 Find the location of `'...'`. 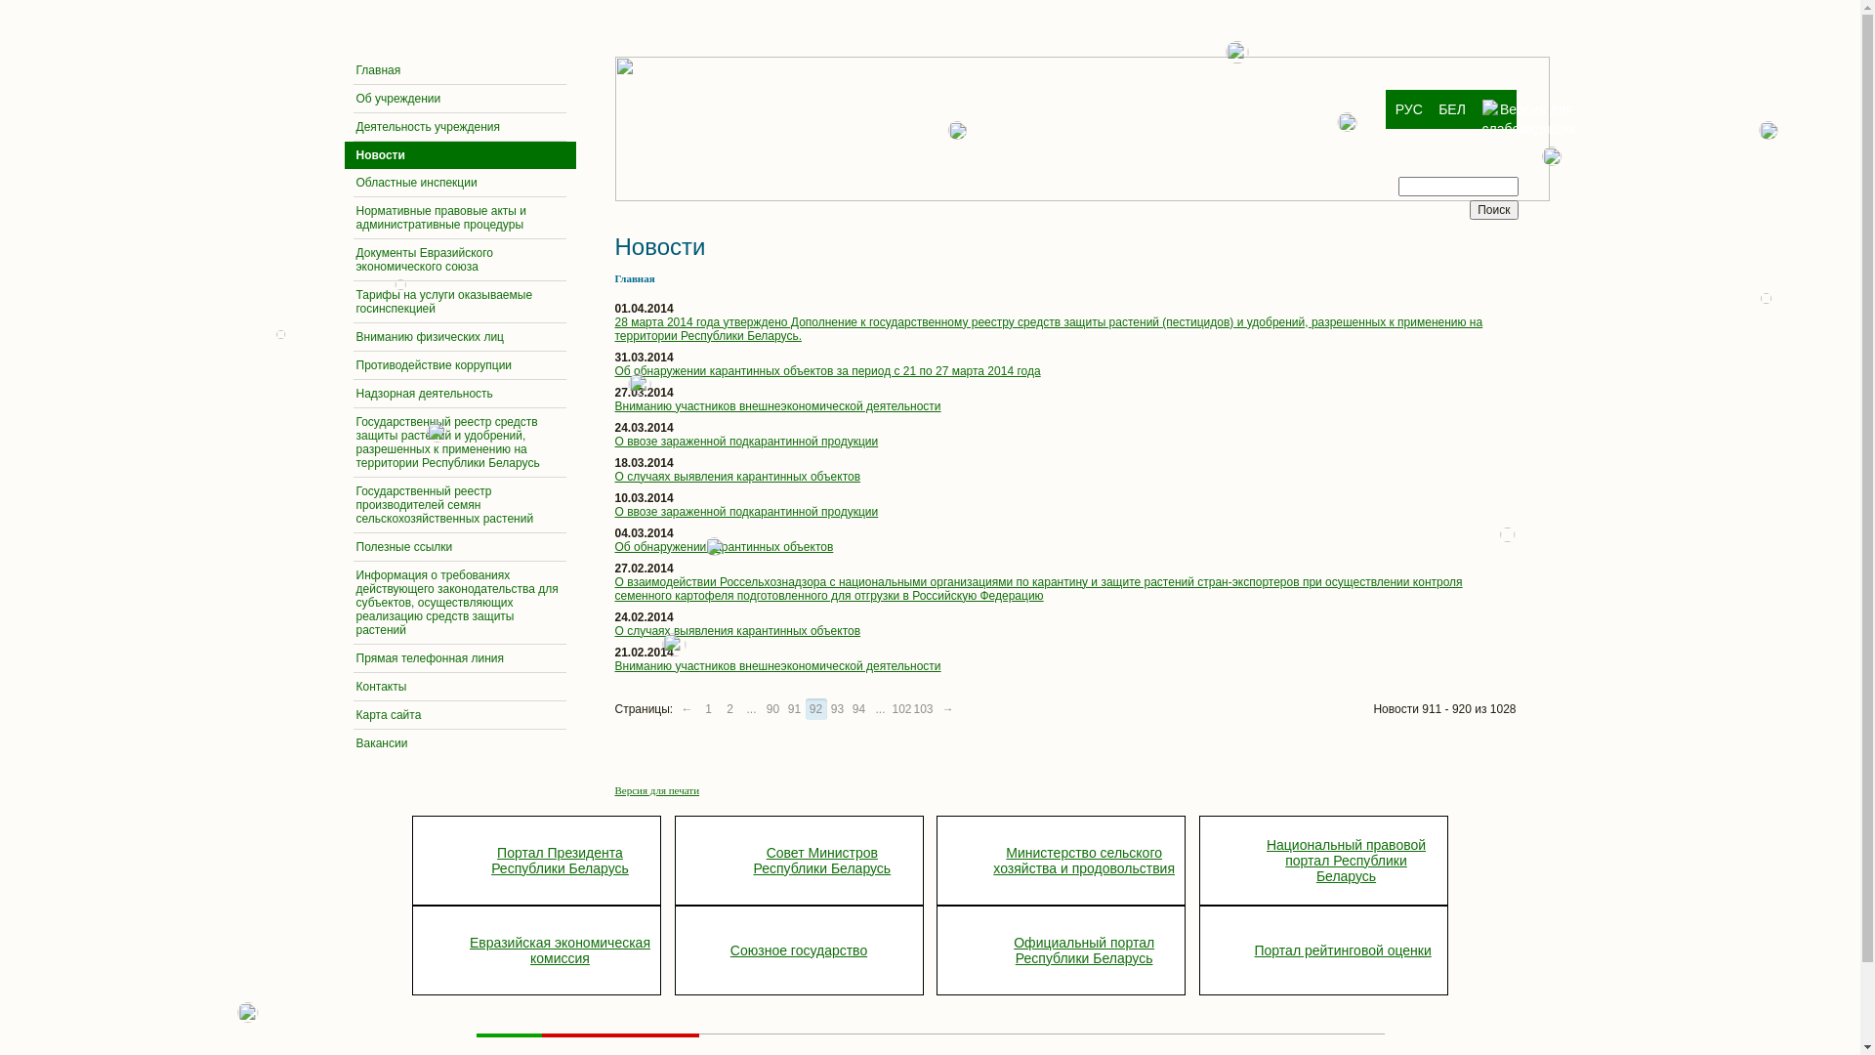

'...' is located at coordinates (880, 708).